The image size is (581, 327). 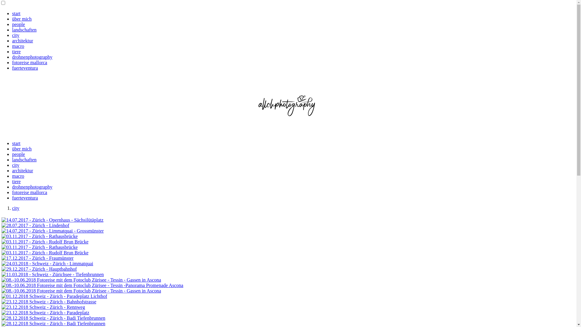 I want to click on 'landschaften', so click(x=24, y=30).